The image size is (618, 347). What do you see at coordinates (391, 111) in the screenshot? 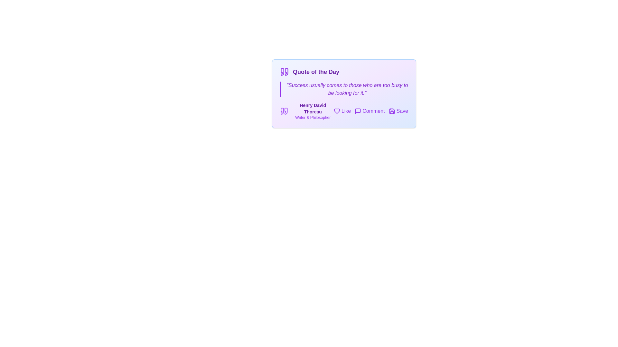
I see `the save icon located in the last icon group at the bottom section of the card` at bounding box center [391, 111].